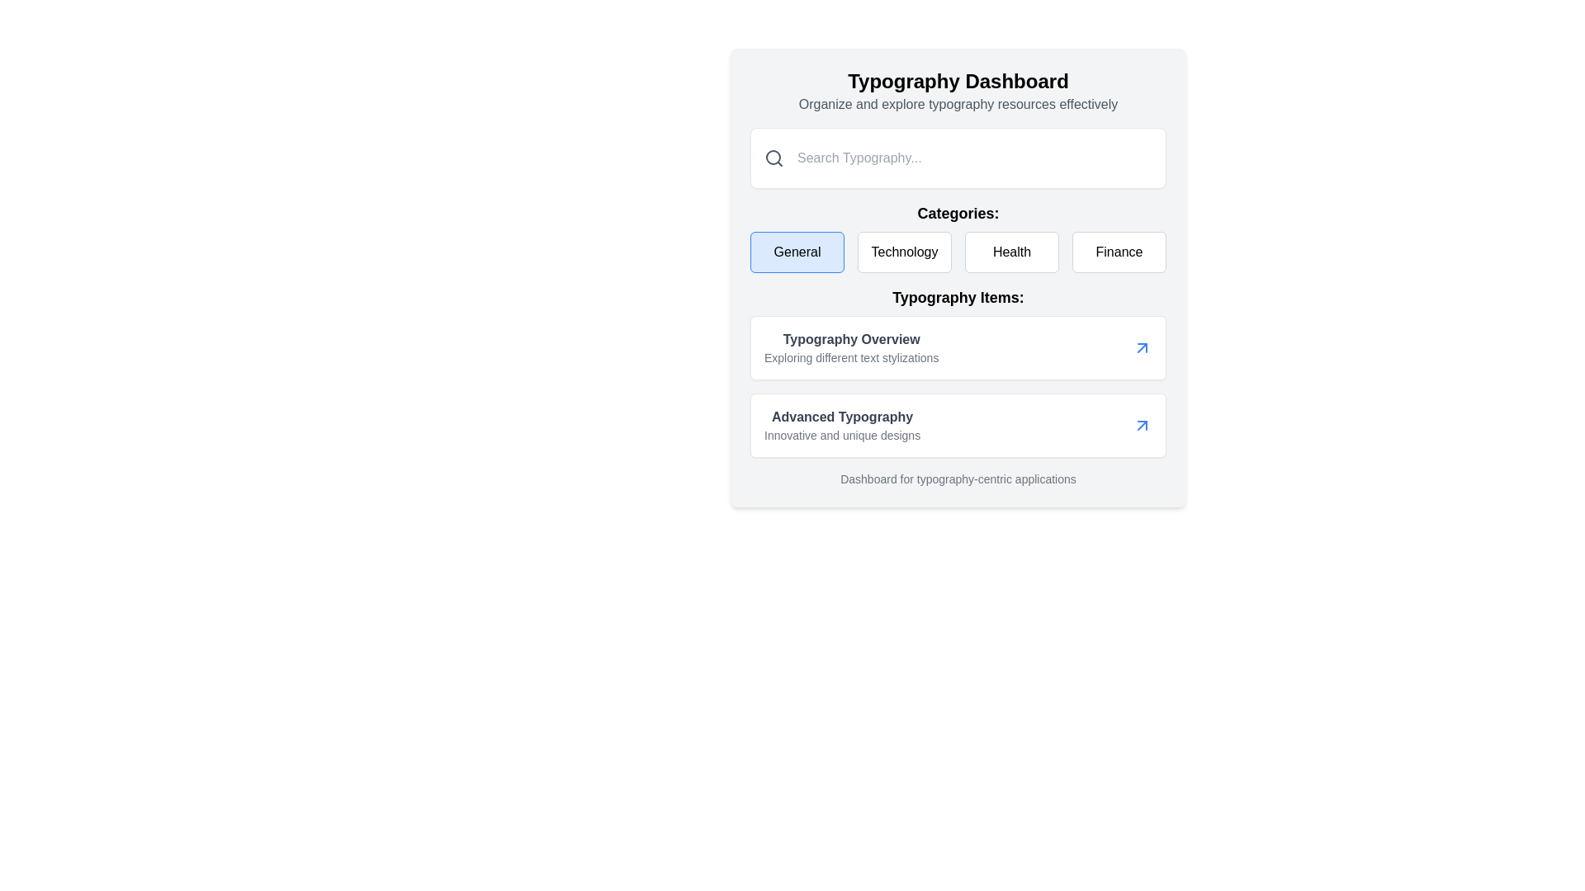  Describe the element at coordinates (841, 425) in the screenshot. I see `the title text 'Advanced Typography' in the Text block` at that location.